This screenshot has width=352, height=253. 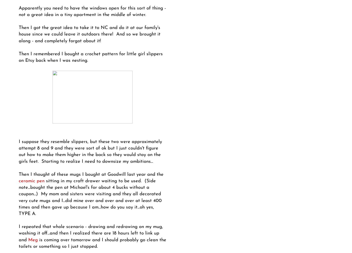 I want to click on 'Then I got the great idea to take it to NC and do it at our family's house since we could leave it outdoors there!  And so we brought it along - and completely forgot about it!', so click(x=89, y=34).